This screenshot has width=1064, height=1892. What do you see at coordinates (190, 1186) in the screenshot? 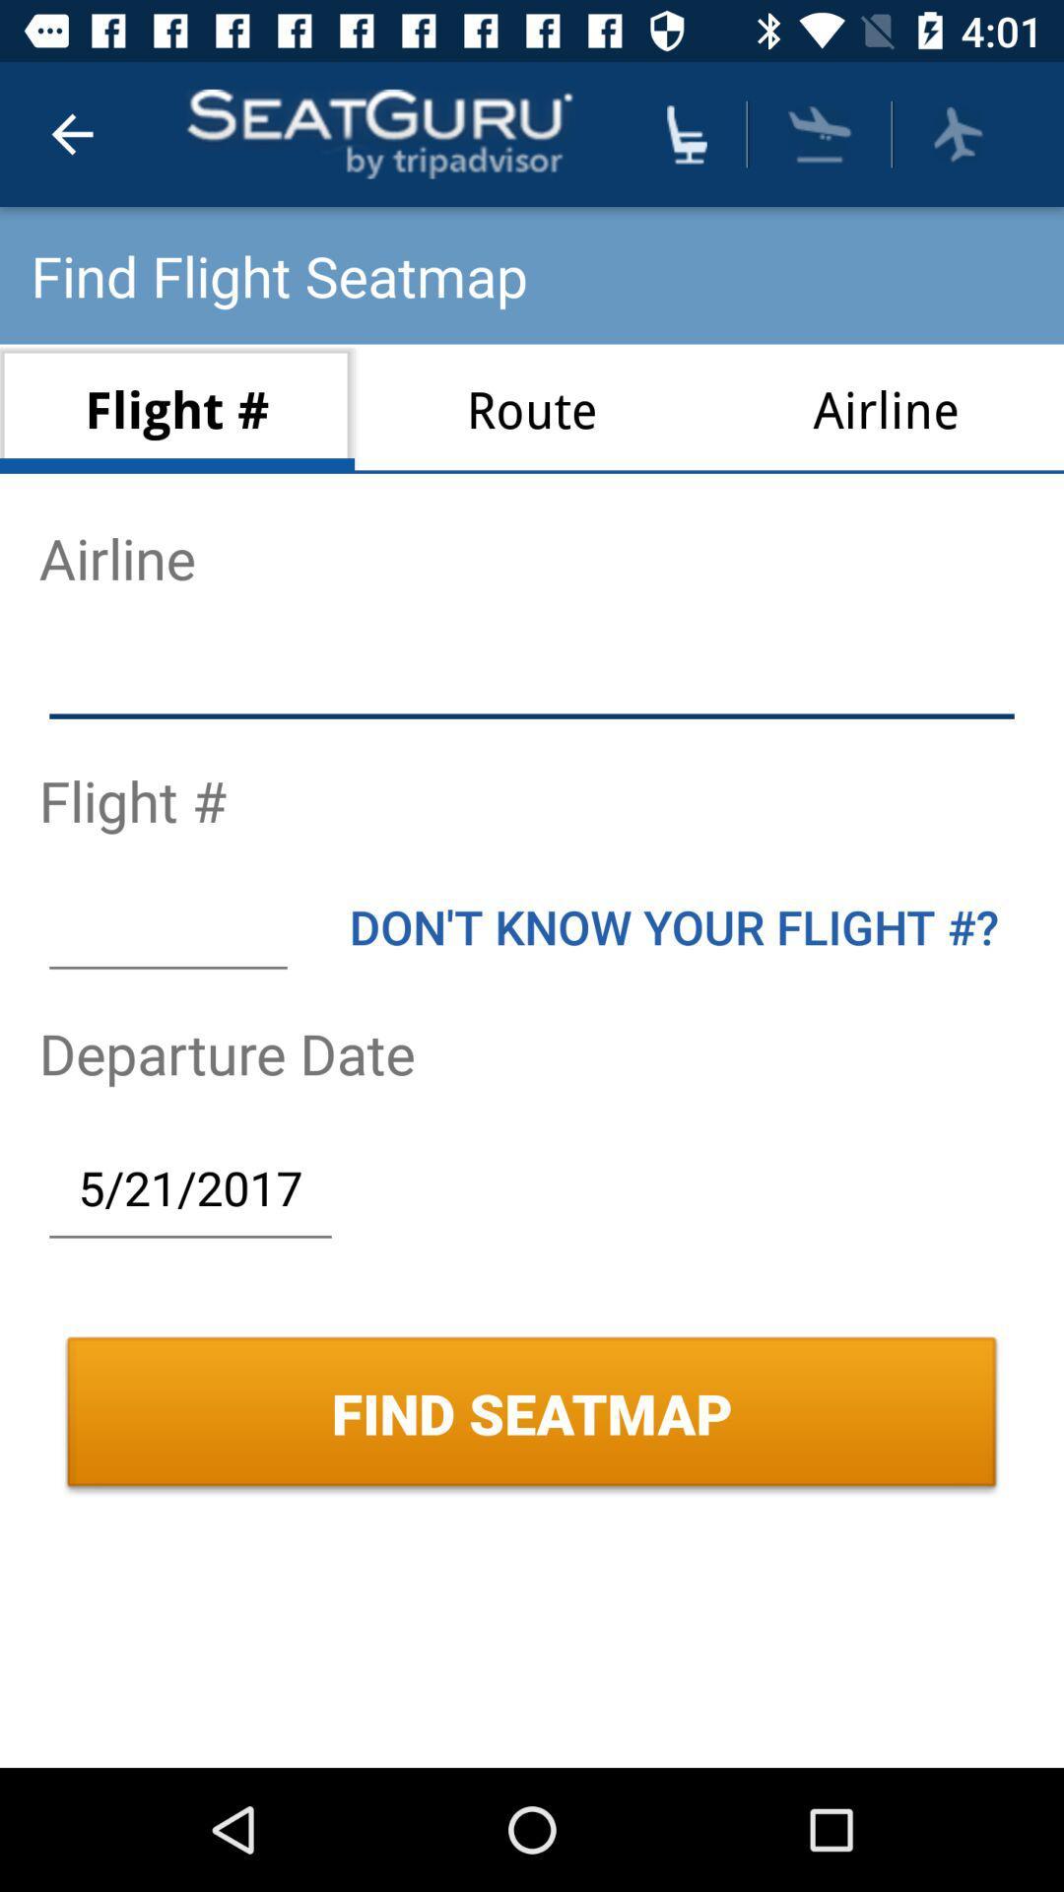
I see `the item above find seatmap icon` at bounding box center [190, 1186].